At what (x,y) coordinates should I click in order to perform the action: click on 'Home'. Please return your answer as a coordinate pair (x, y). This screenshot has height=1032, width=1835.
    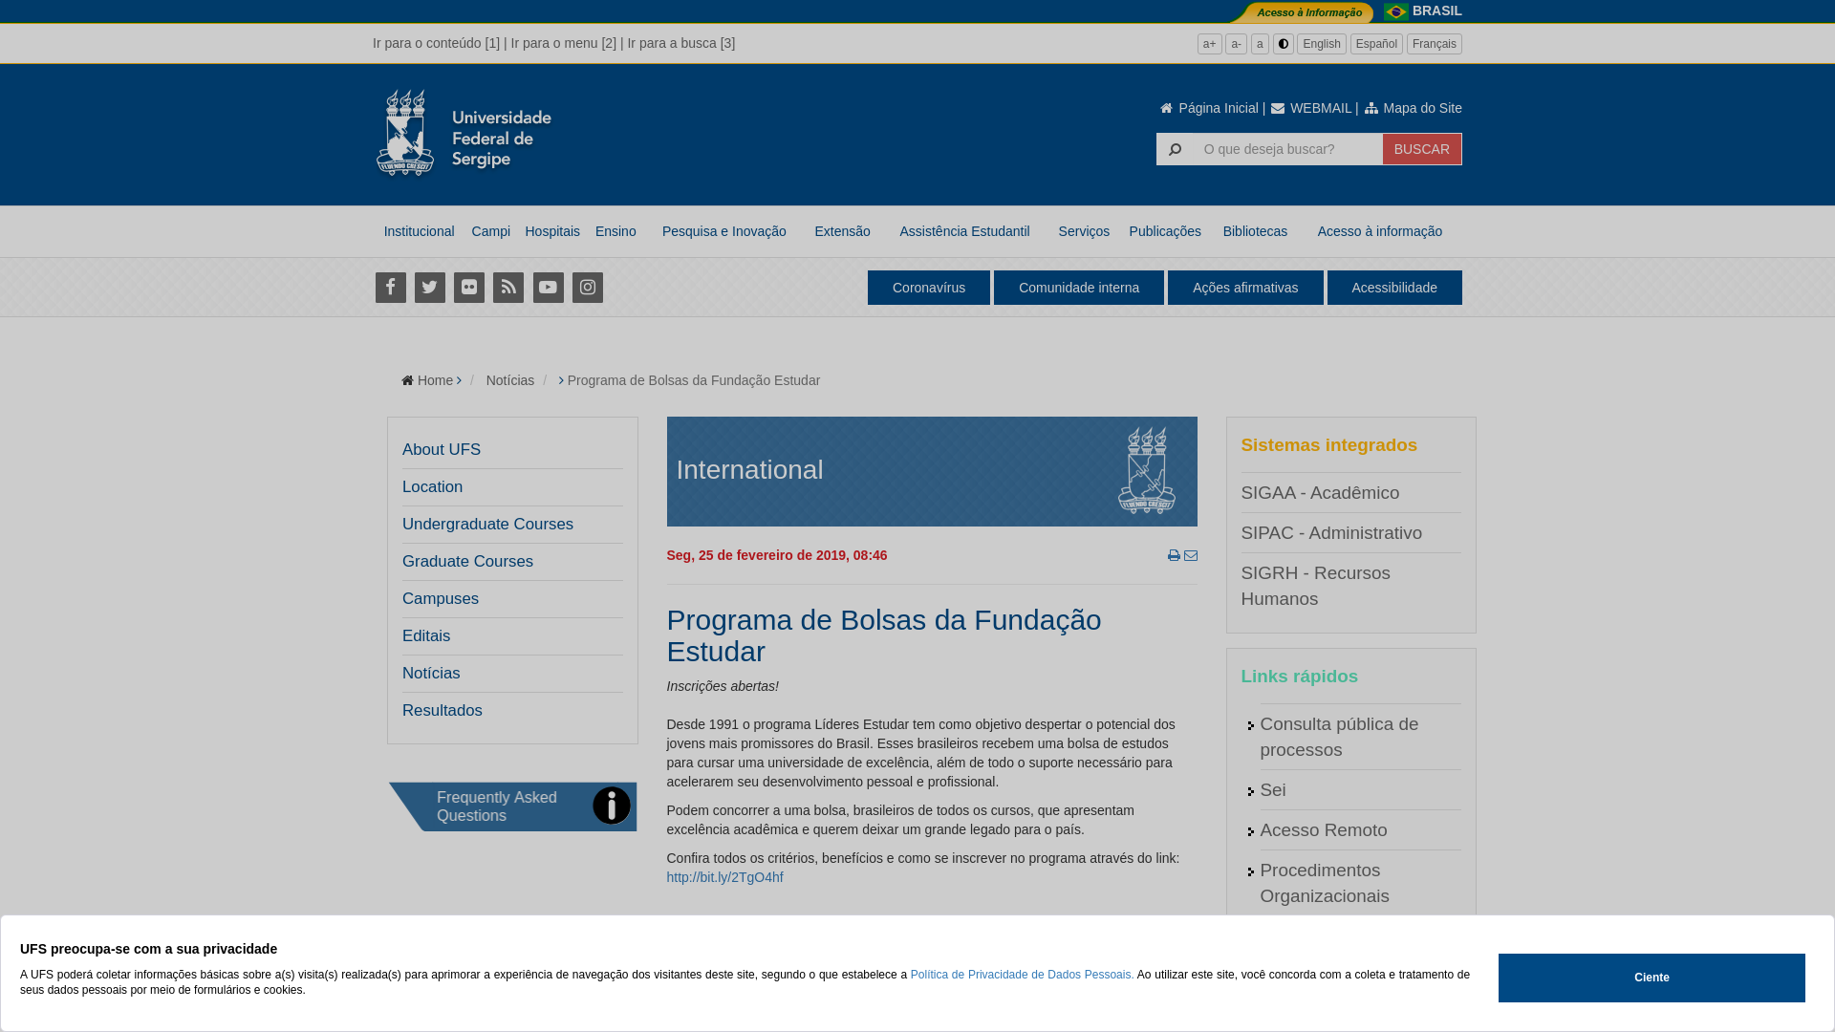
    Looking at the image, I should click on (434, 379).